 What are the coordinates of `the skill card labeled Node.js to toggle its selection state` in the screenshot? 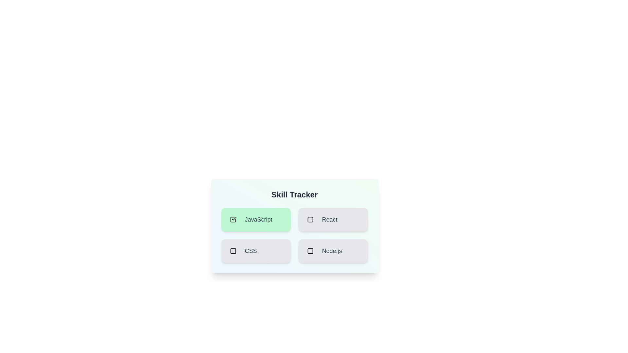 It's located at (333, 250).